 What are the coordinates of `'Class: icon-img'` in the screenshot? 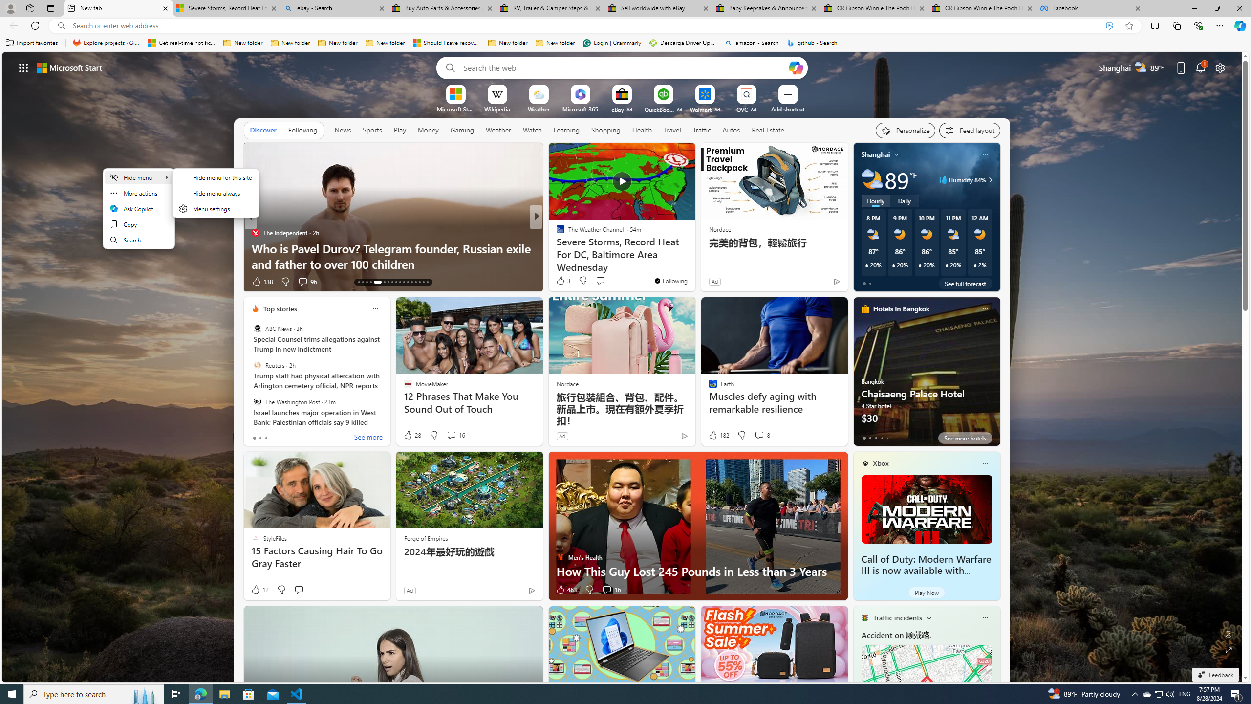 It's located at (985, 617).